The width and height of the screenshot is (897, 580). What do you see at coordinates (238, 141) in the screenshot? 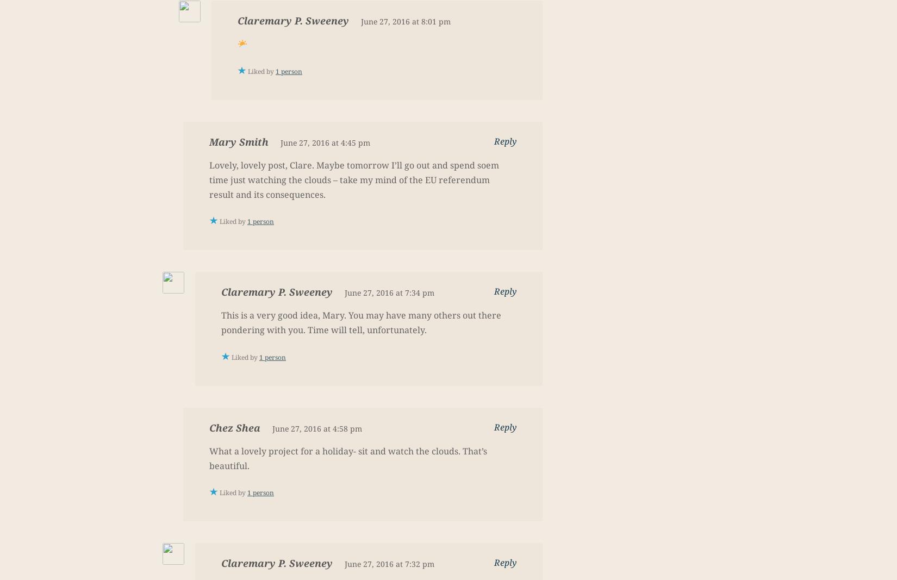
I see `'Mary Smith'` at bounding box center [238, 141].